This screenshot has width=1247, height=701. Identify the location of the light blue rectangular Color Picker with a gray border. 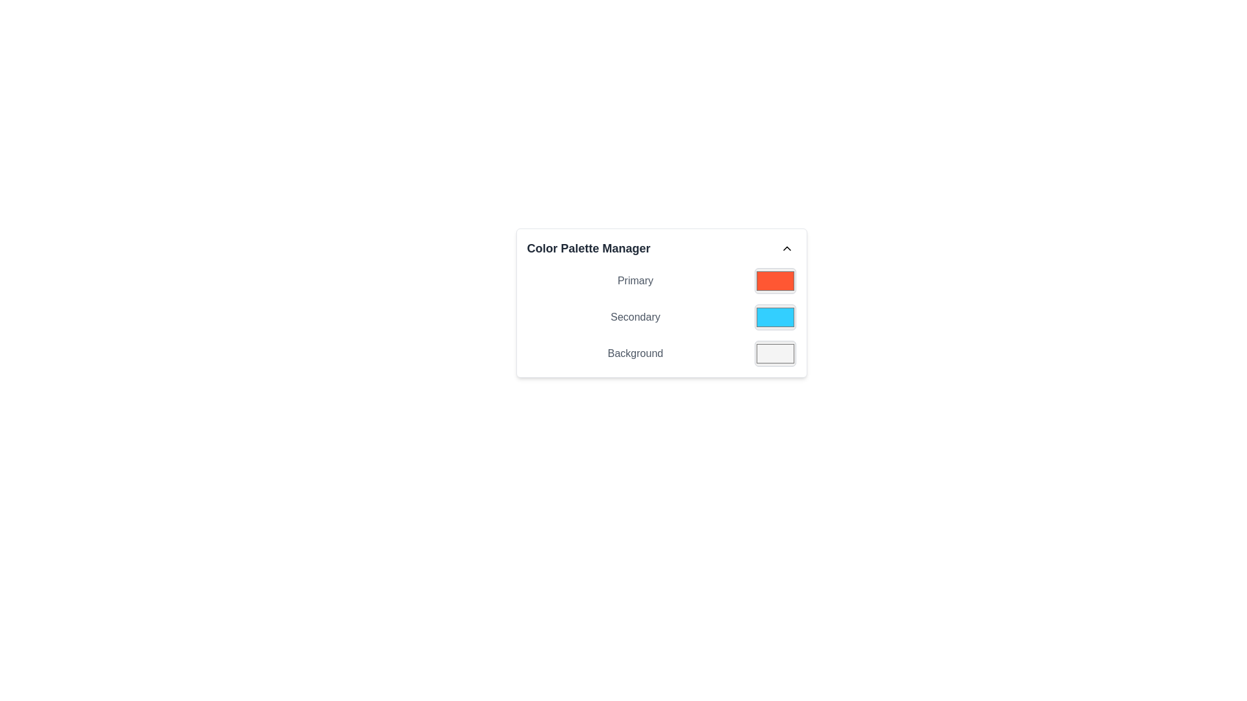
(775, 317).